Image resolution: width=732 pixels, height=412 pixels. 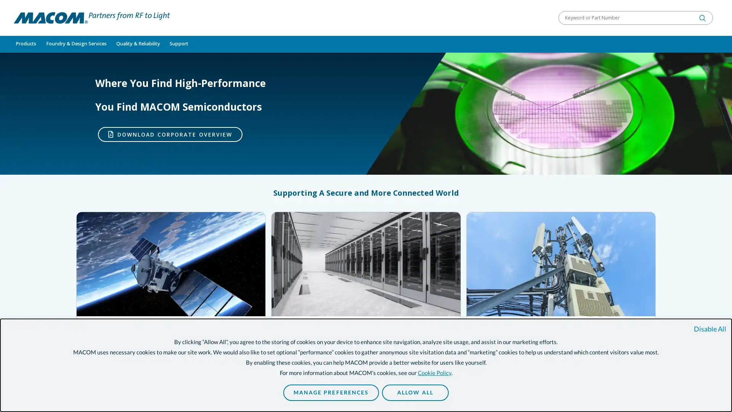 I want to click on ALLOW ALL, so click(x=414, y=393).